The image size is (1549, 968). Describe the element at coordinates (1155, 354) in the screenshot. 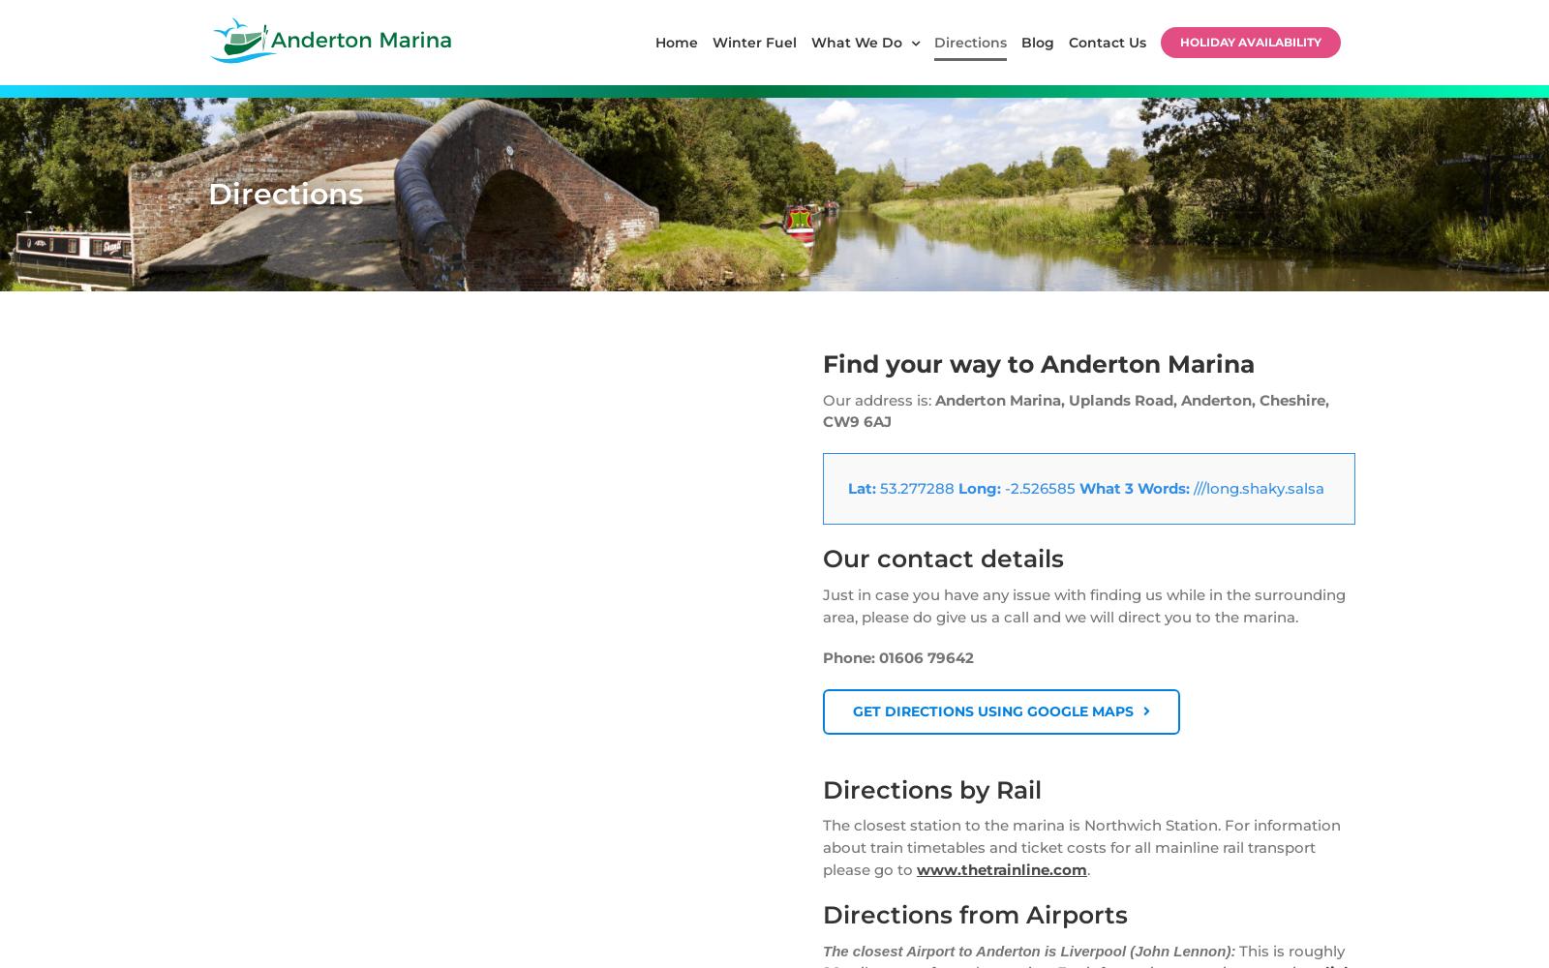

I see `'Amenities Overview'` at that location.